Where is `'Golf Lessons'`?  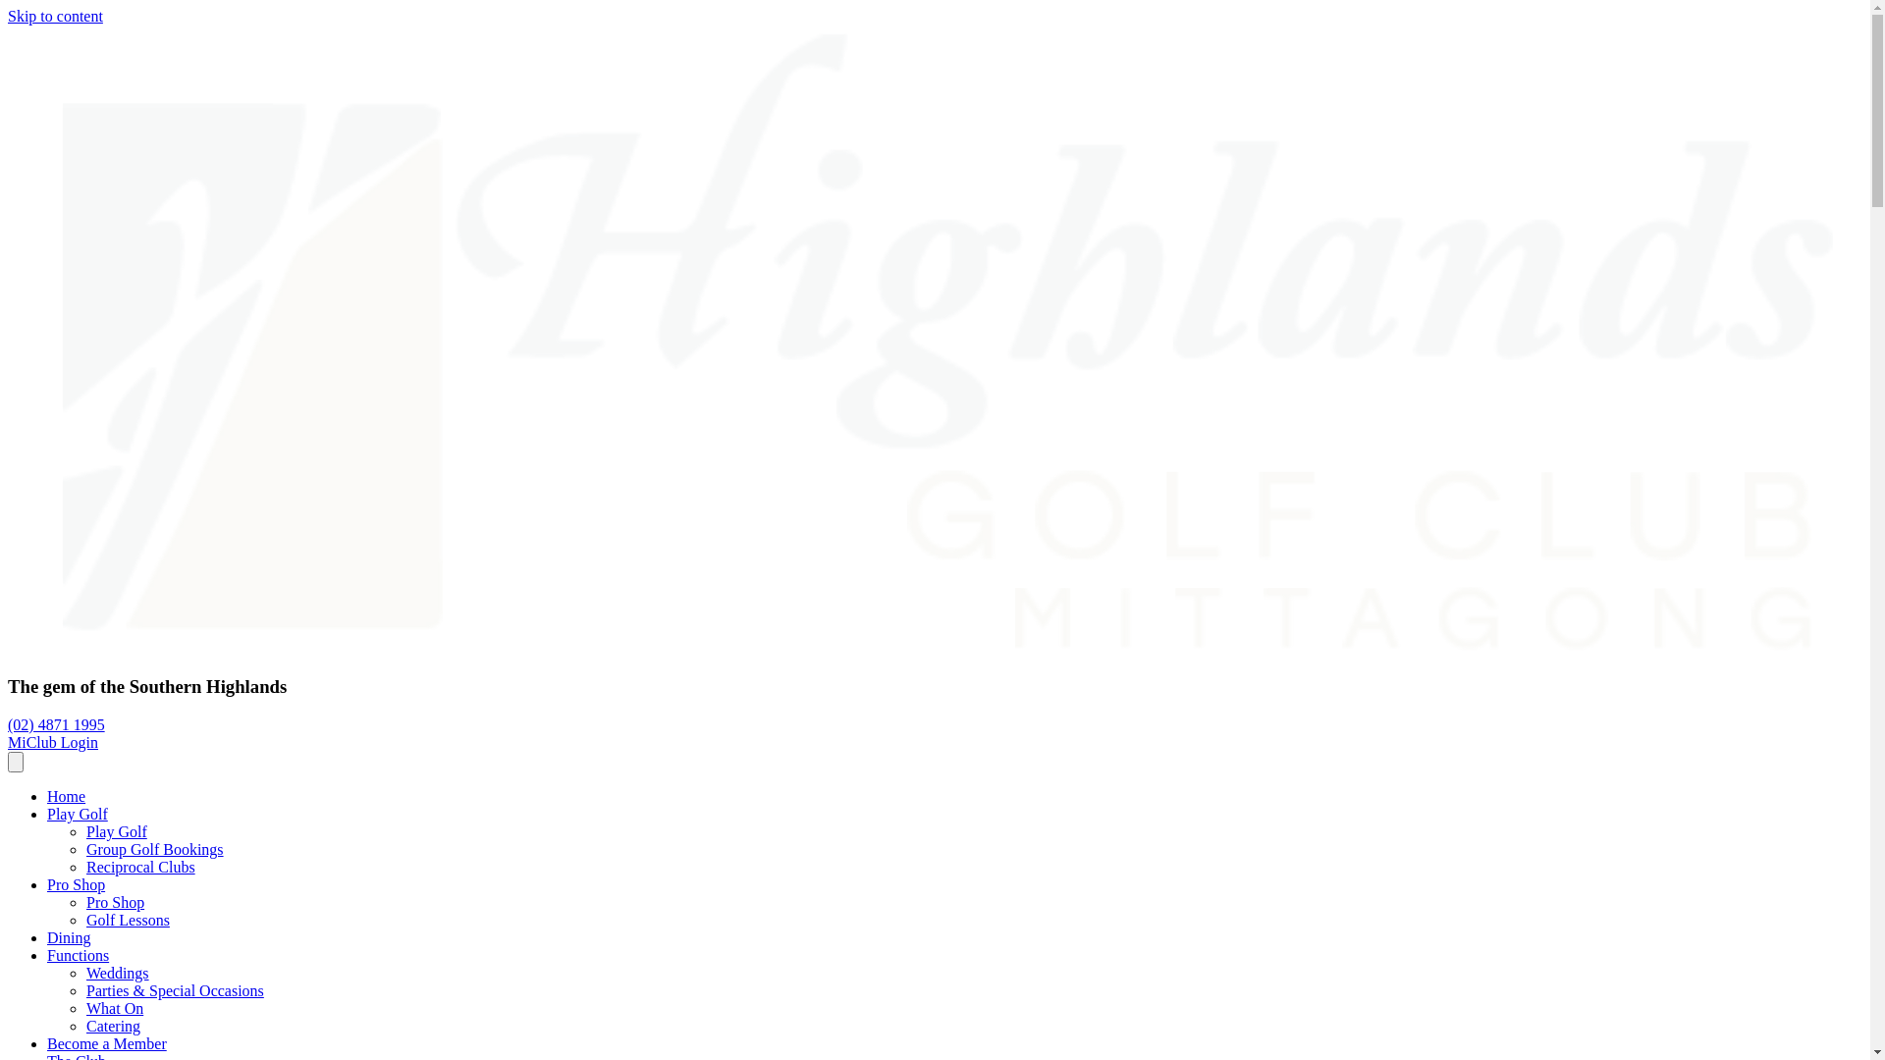
'Golf Lessons' is located at coordinates (84, 920).